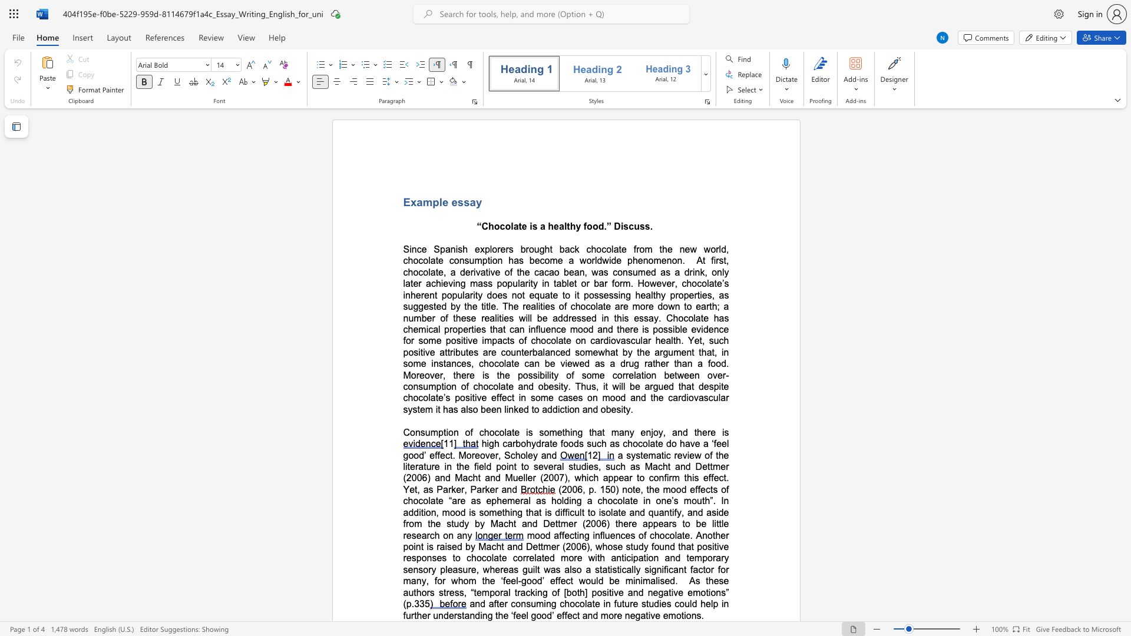  What do you see at coordinates (622, 443) in the screenshot?
I see `the subset text "chocolate do have a ‘feel go" within the text "high carbohydrate foods such as chocolate do have a ‘feel good’ effect. Moreover, Scholey and"` at bounding box center [622, 443].